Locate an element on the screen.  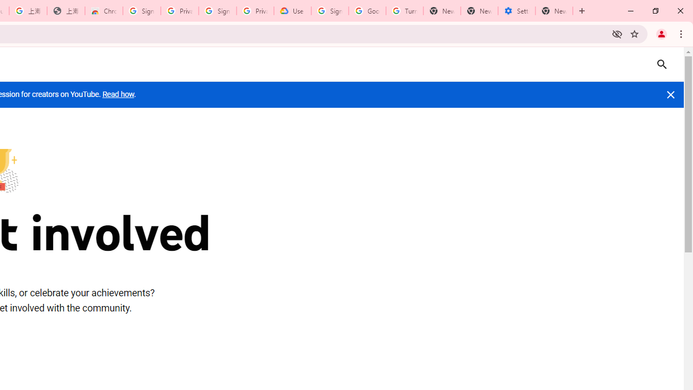
'Google Account Help' is located at coordinates (367, 11).